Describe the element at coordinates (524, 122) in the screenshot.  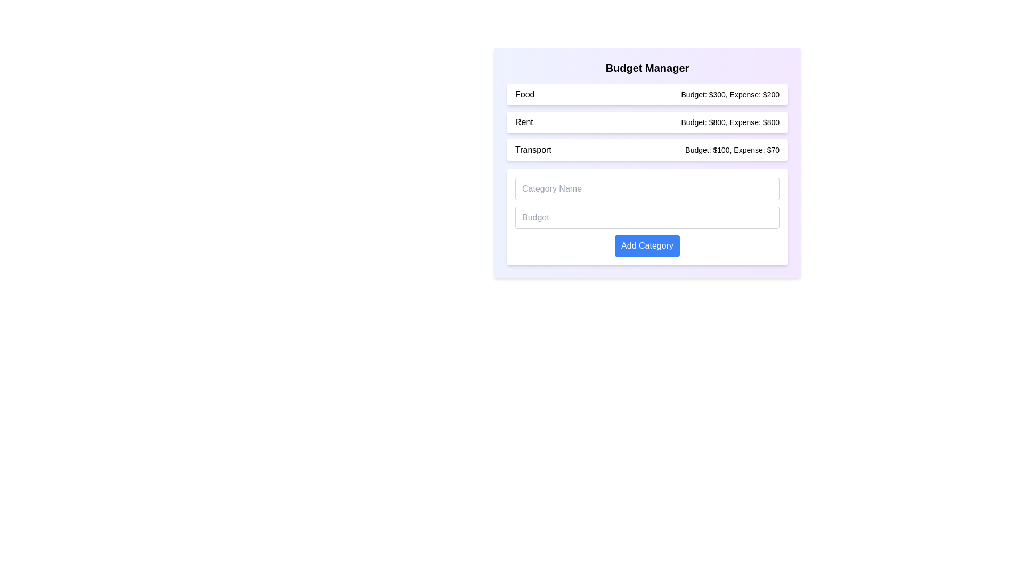
I see `the text label for the budget category located in the second budget row under 'Budget Manager', situated between 'Food' and 'Transport'` at that location.